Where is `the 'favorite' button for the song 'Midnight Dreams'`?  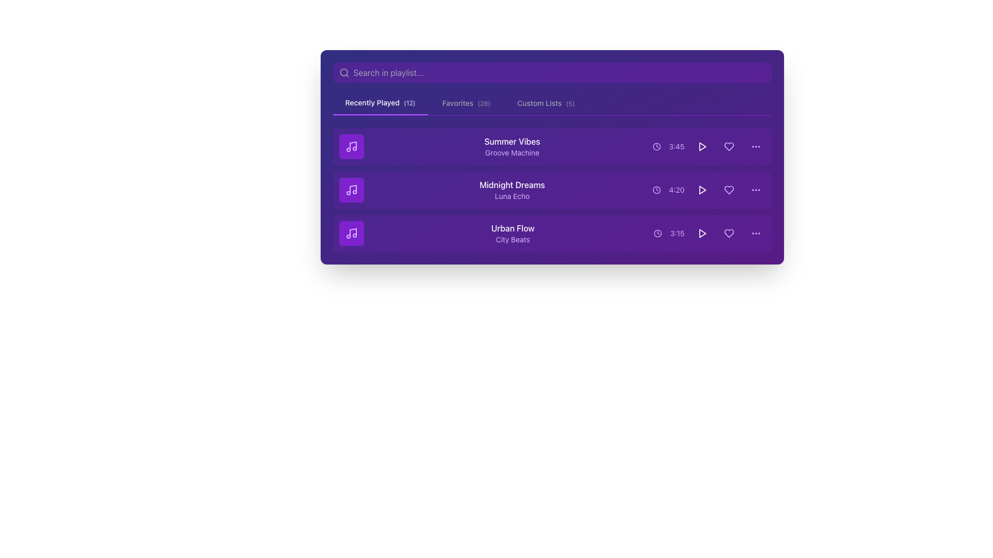 the 'favorite' button for the song 'Midnight Dreams' is located at coordinates (728, 190).